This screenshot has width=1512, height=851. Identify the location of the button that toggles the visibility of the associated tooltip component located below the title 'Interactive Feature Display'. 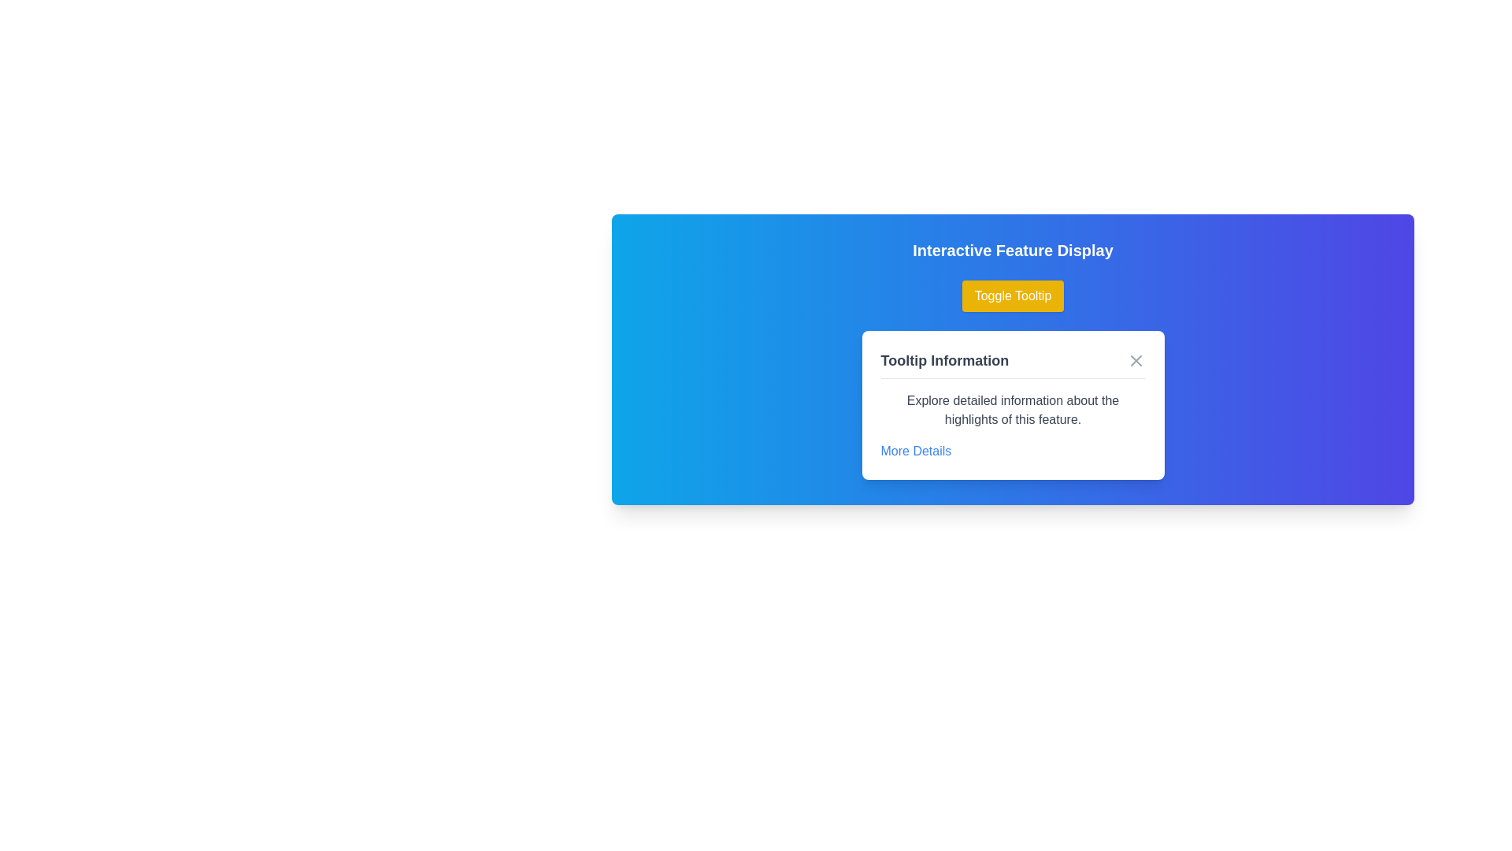
(1013, 295).